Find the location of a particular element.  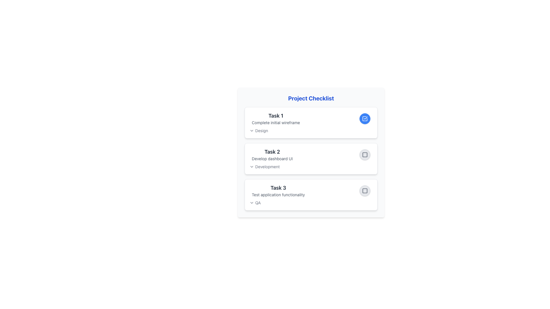

the text label that serves as the title for the third item in the checklist, providing a quick reference to the task's name is located at coordinates (278, 188).